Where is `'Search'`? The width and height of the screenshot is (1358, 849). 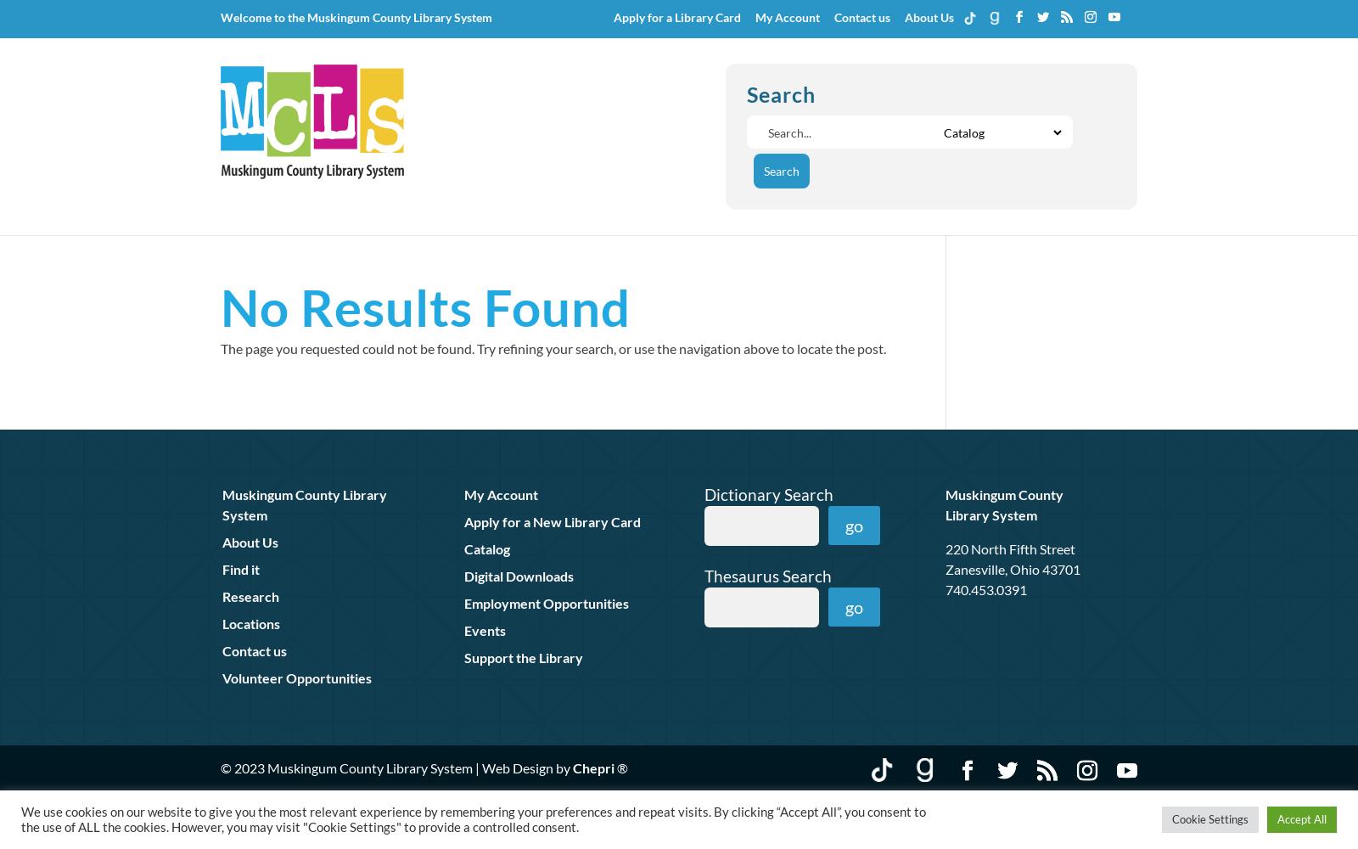
'Search' is located at coordinates (780, 93).